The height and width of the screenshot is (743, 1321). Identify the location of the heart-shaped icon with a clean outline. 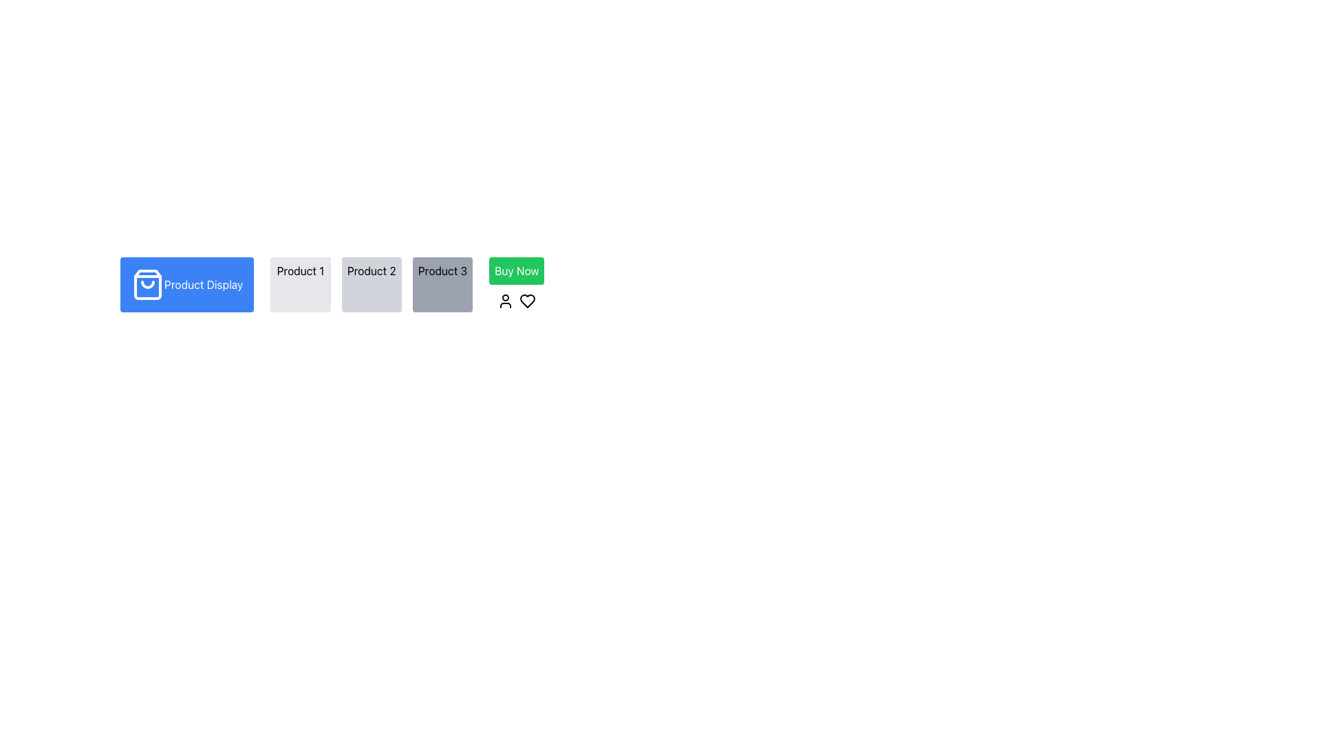
(527, 301).